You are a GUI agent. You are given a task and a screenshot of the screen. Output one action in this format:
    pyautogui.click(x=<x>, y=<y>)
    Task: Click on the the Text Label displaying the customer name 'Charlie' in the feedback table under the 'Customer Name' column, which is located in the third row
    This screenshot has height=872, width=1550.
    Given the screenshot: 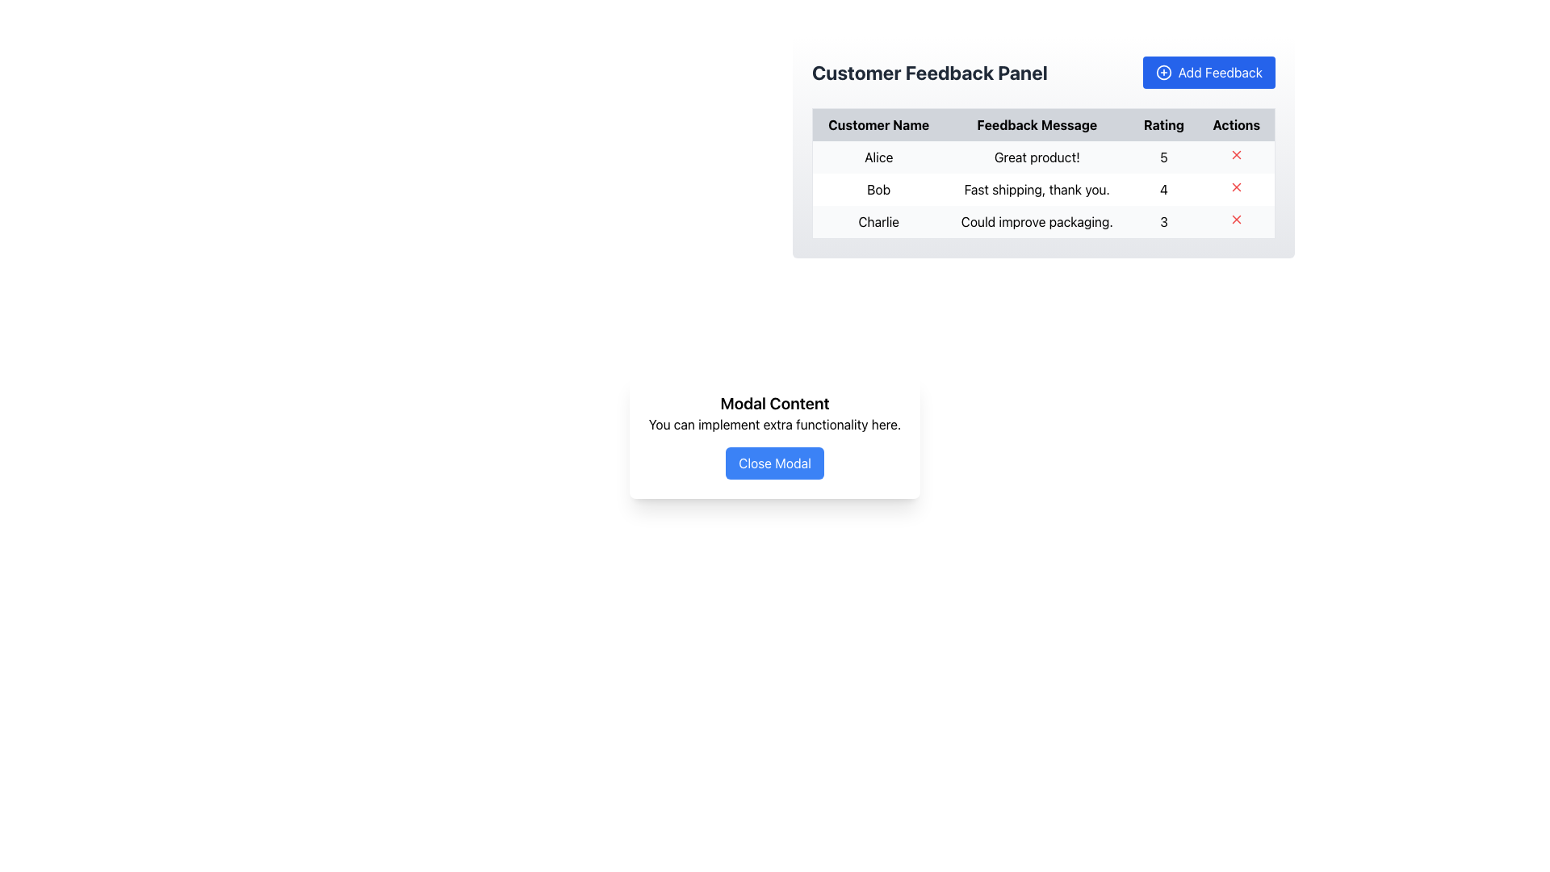 What is the action you would take?
    pyautogui.click(x=878, y=222)
    